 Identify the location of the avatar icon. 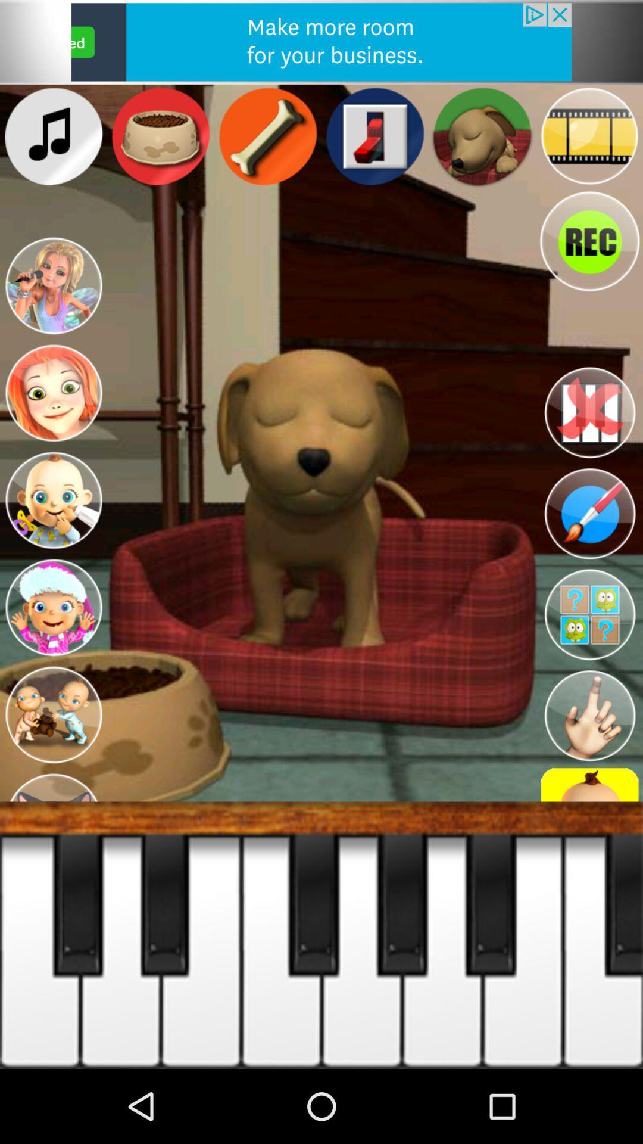
(52, 534).